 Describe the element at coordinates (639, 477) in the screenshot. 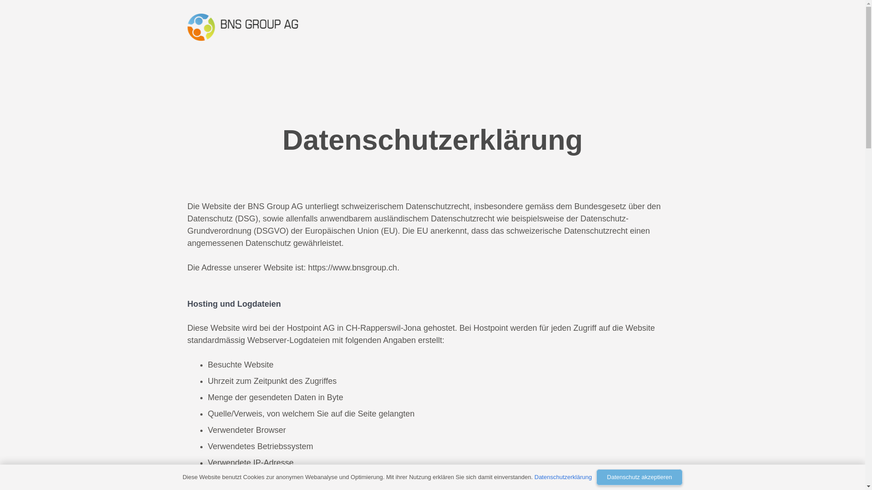

I see `'Datenschutz akzeptieren'` at that location.